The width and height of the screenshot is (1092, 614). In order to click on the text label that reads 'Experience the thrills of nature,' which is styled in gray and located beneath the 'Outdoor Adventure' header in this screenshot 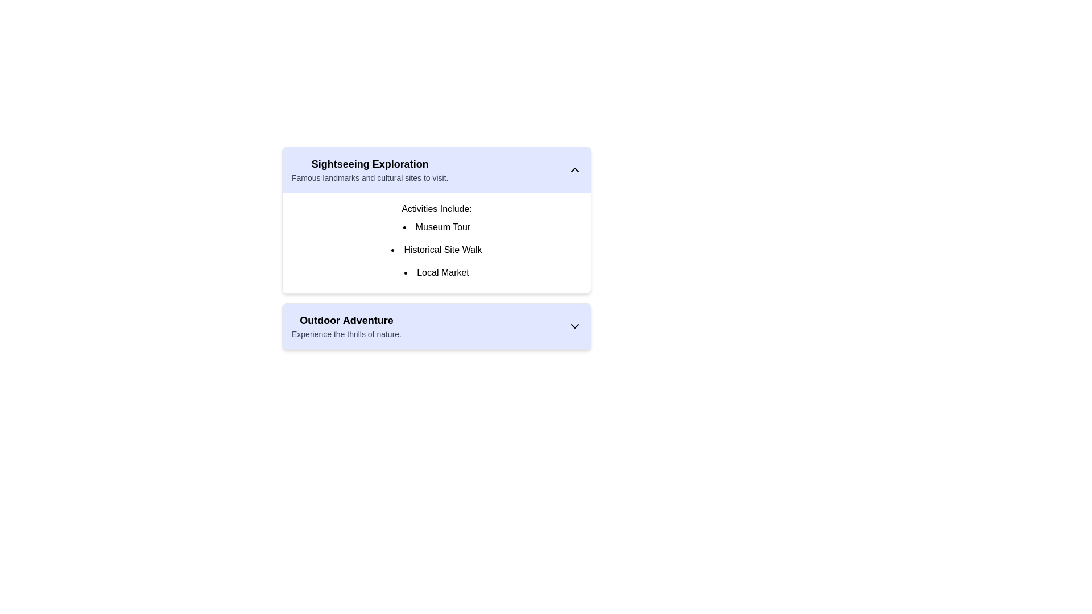, I will do `click(346, 333)`.